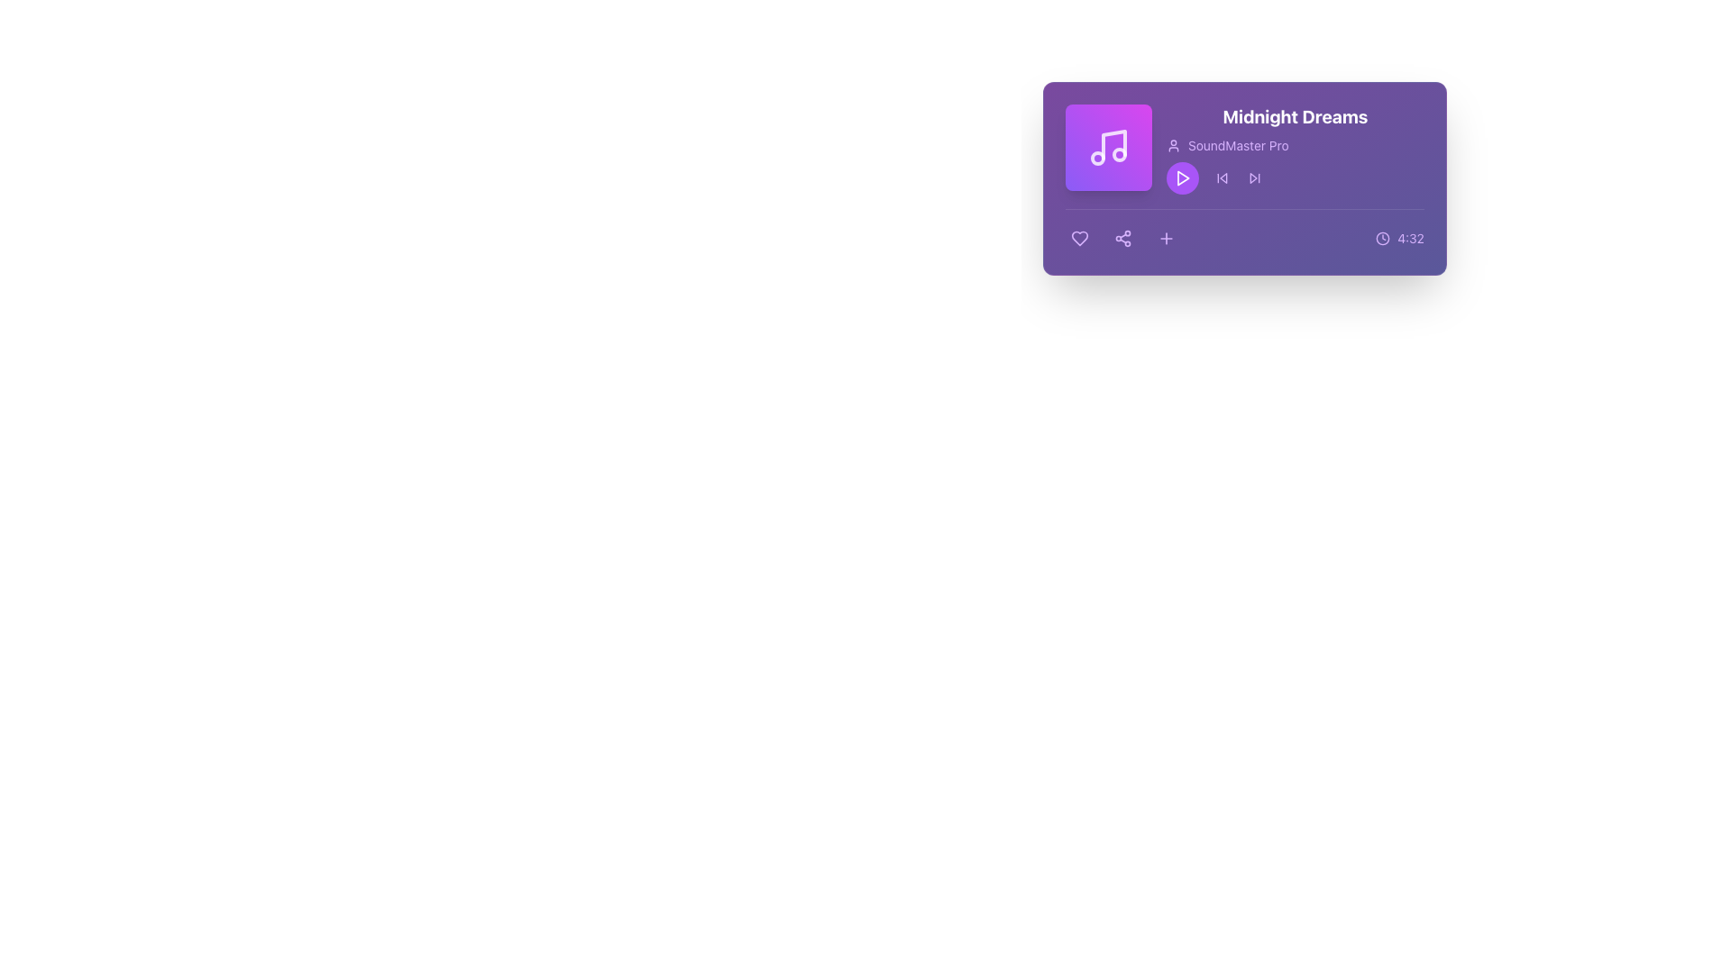 This screenshot has height=973, width=1731. I want to click on the heart icon located at the bottom-left section of the card, so click(1080, 238).